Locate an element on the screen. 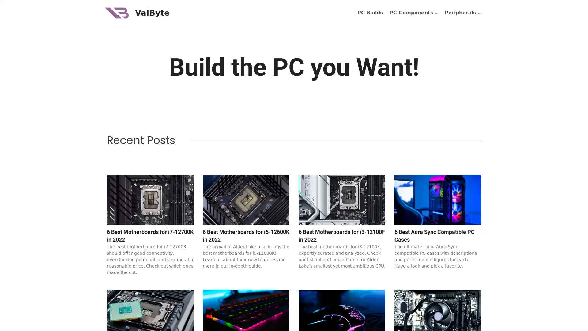  Expand child menu is located at coordinates (413, 13).